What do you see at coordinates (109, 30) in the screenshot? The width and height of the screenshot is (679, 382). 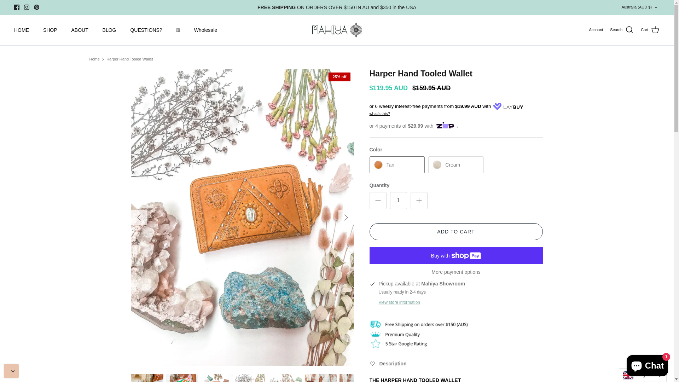 I see `'BLOG'` at bounding box center [109, 30].